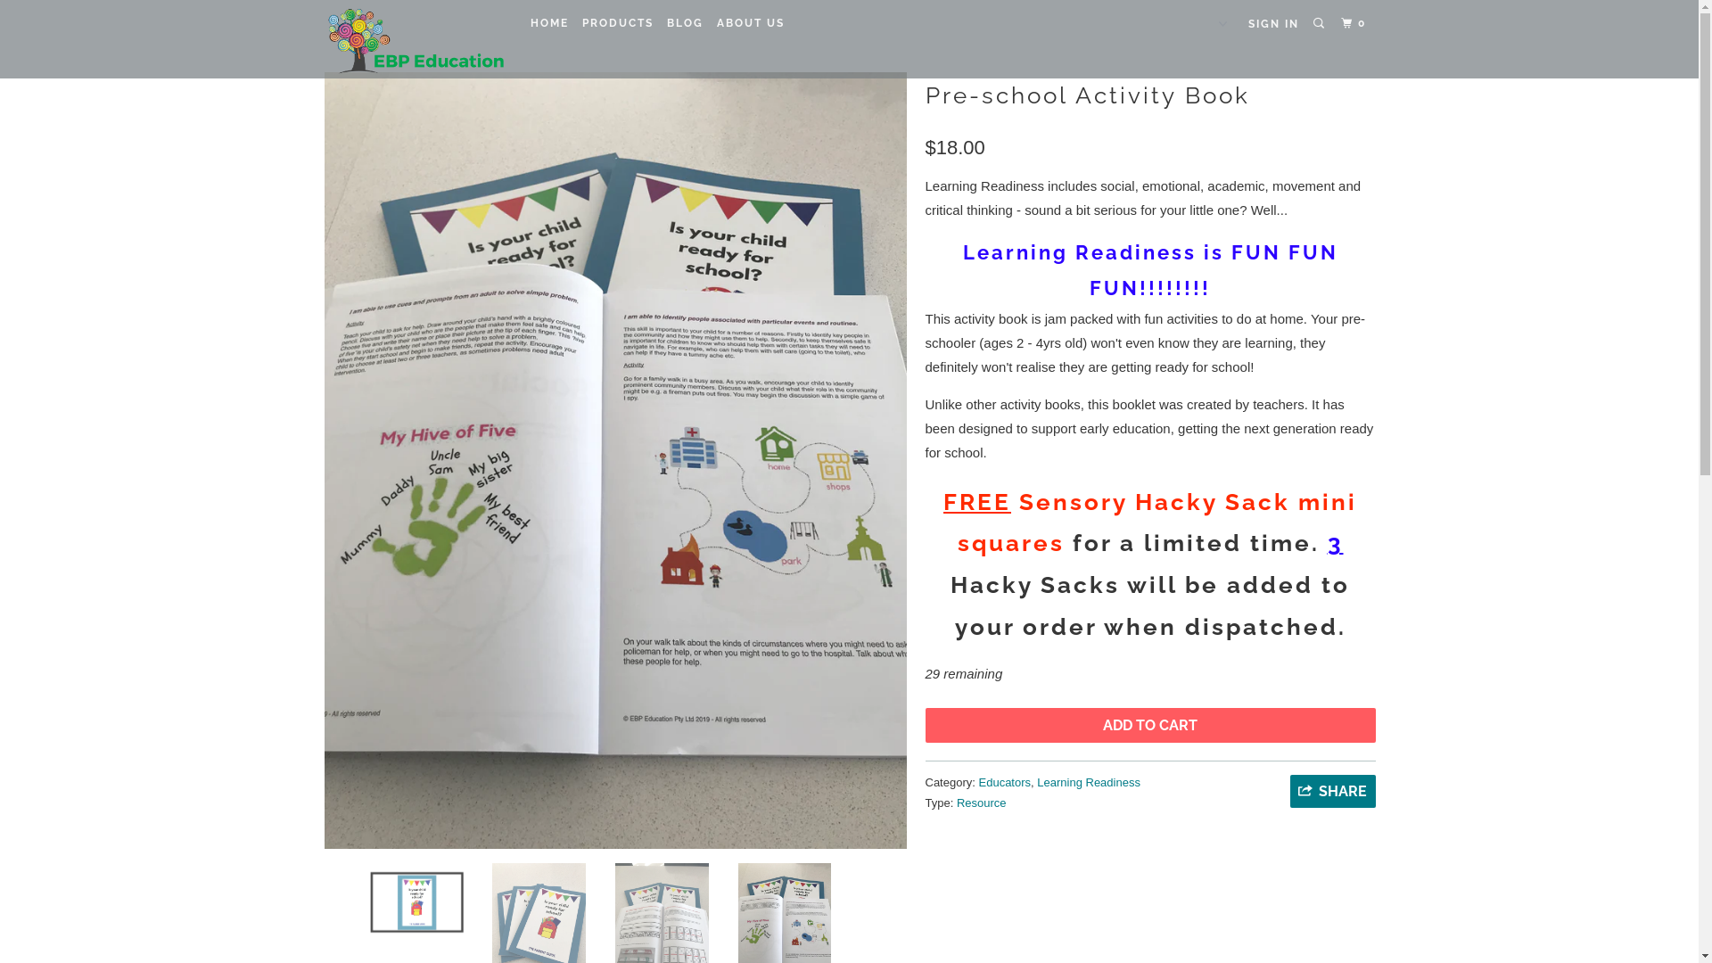  Describe the element at coordinates (547, 23) in the screenshot. I see `'HOME'` at that location.